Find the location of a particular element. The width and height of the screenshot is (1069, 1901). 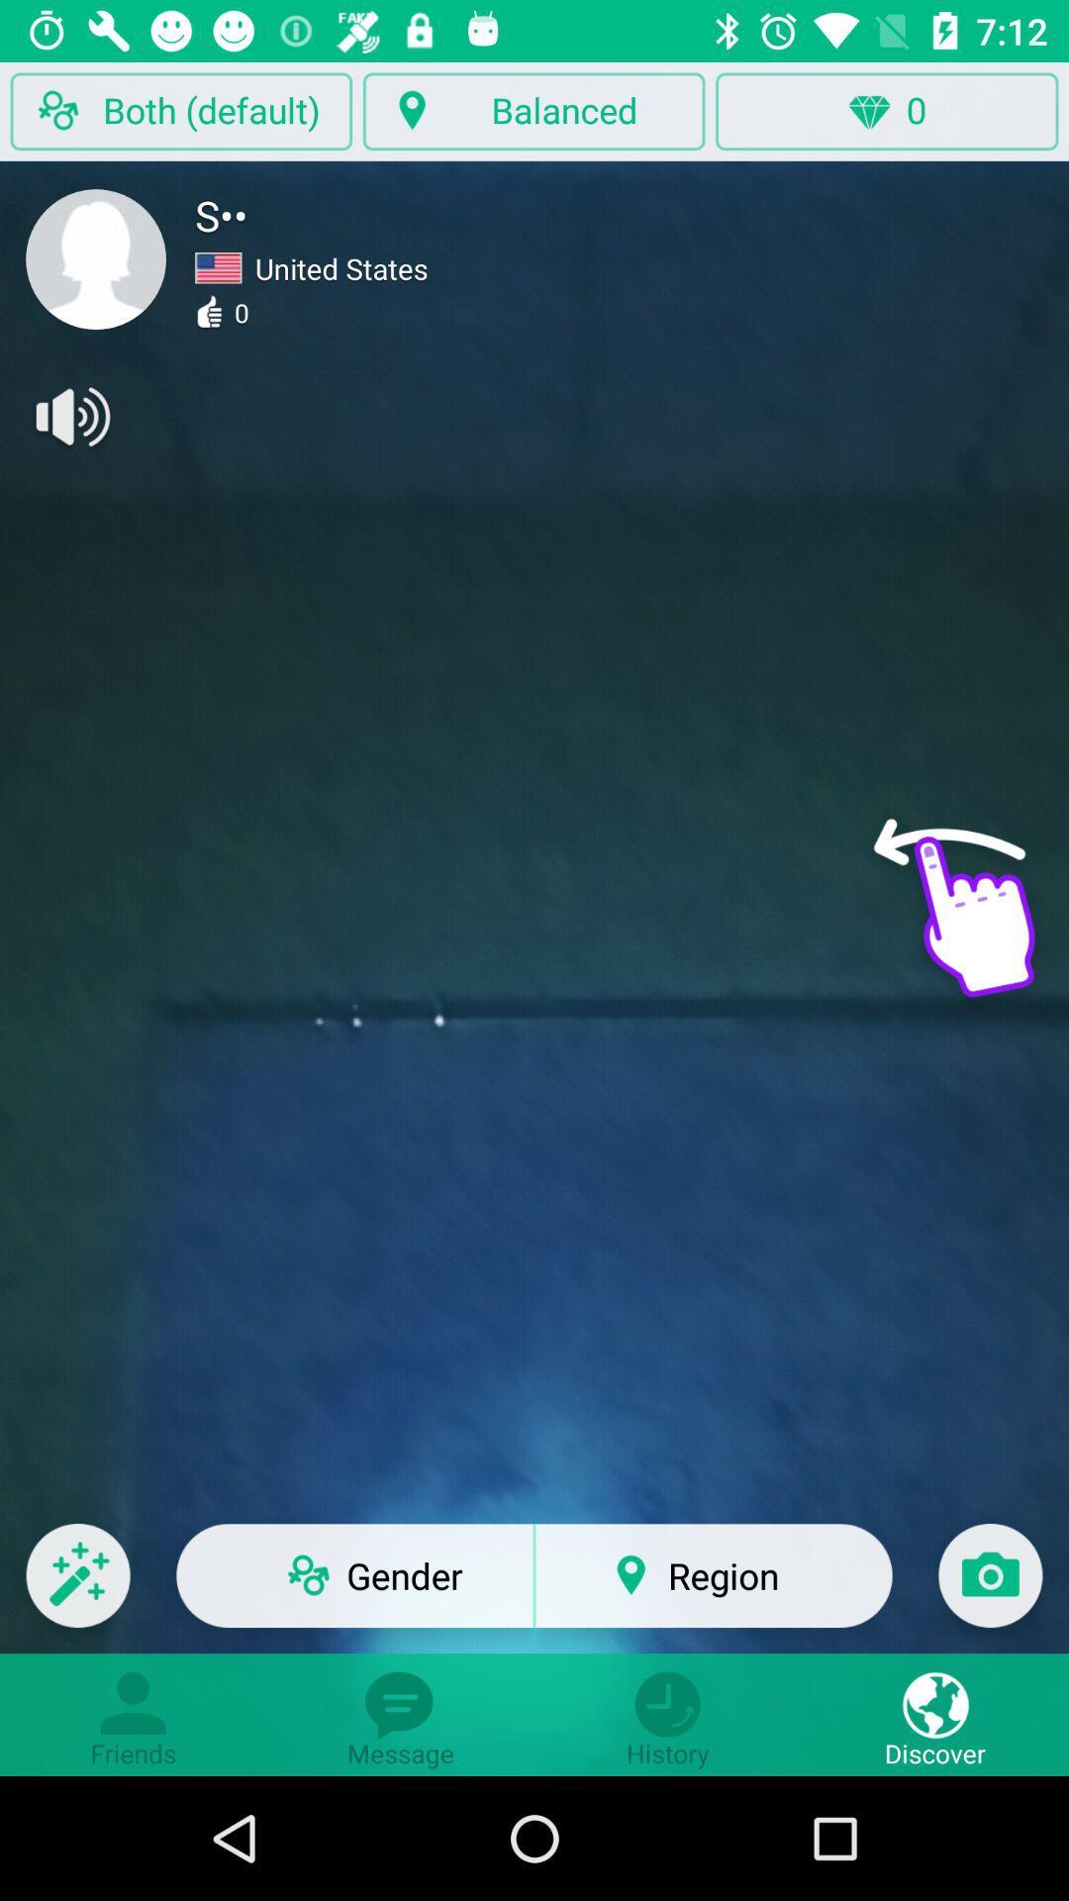

the profile which is in the left top is located at coordinates (95, 258).